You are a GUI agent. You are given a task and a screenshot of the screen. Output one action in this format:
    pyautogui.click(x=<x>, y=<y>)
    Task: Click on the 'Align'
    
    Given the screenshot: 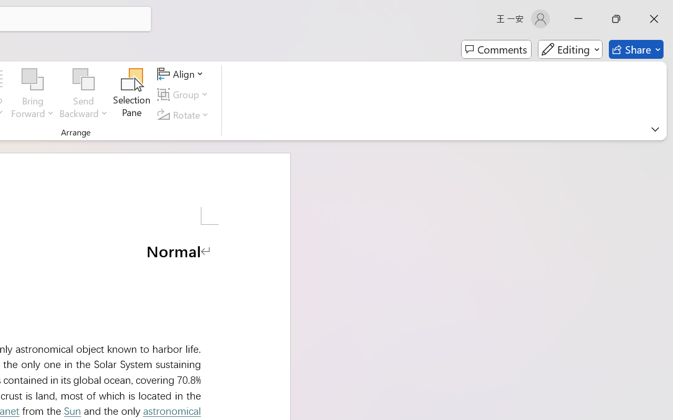 What is the action you would take?
    pyautogui.click(x=182, y=74)
    